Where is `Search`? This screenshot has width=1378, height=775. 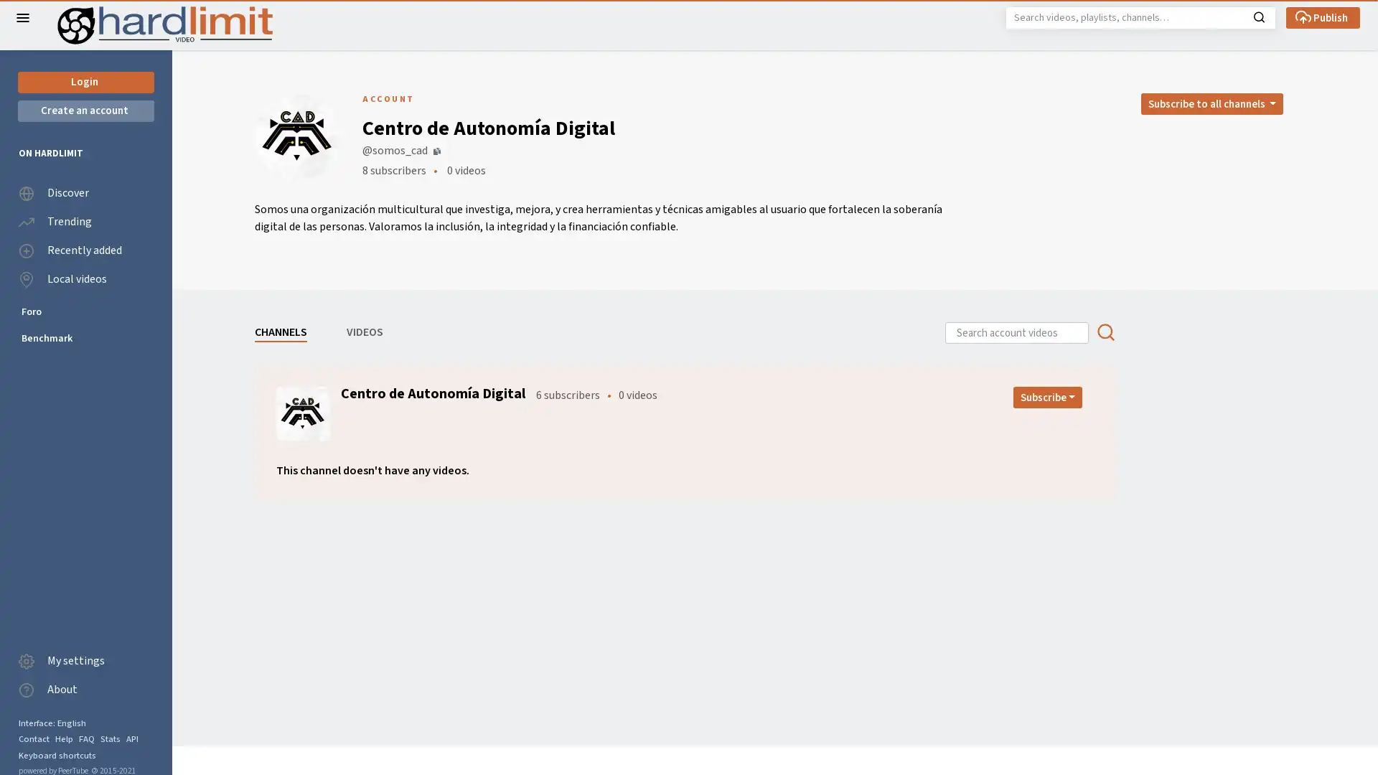 Search is located at coordinates (1258, 16).